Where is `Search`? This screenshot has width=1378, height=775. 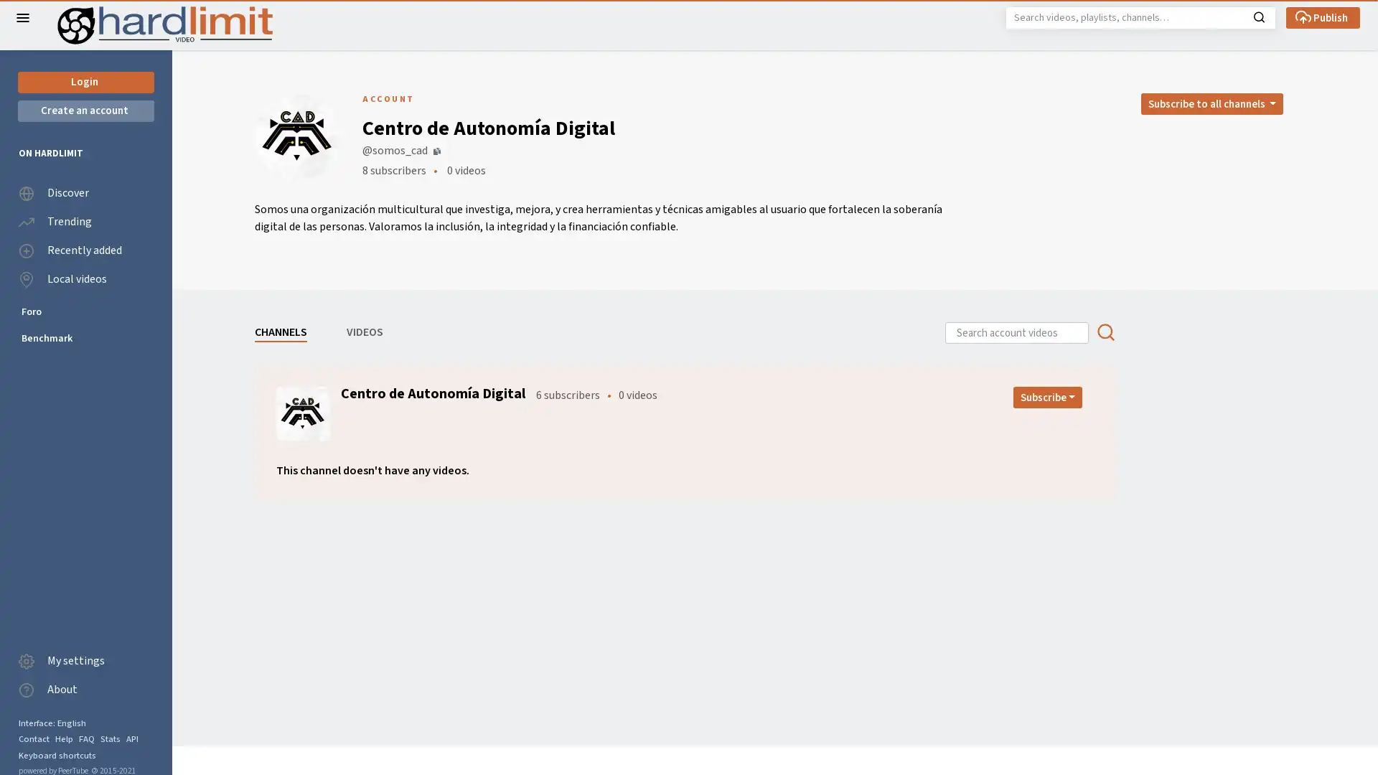 Search is located at coordinates (1258, 16).